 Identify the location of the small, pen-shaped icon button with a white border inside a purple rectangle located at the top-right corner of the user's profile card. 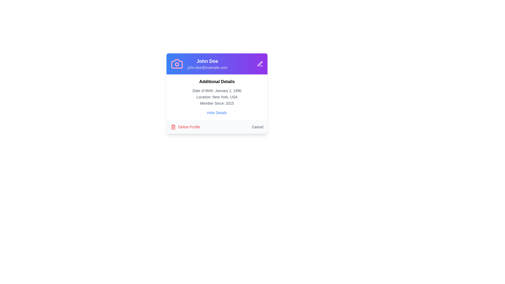
(260, 64).